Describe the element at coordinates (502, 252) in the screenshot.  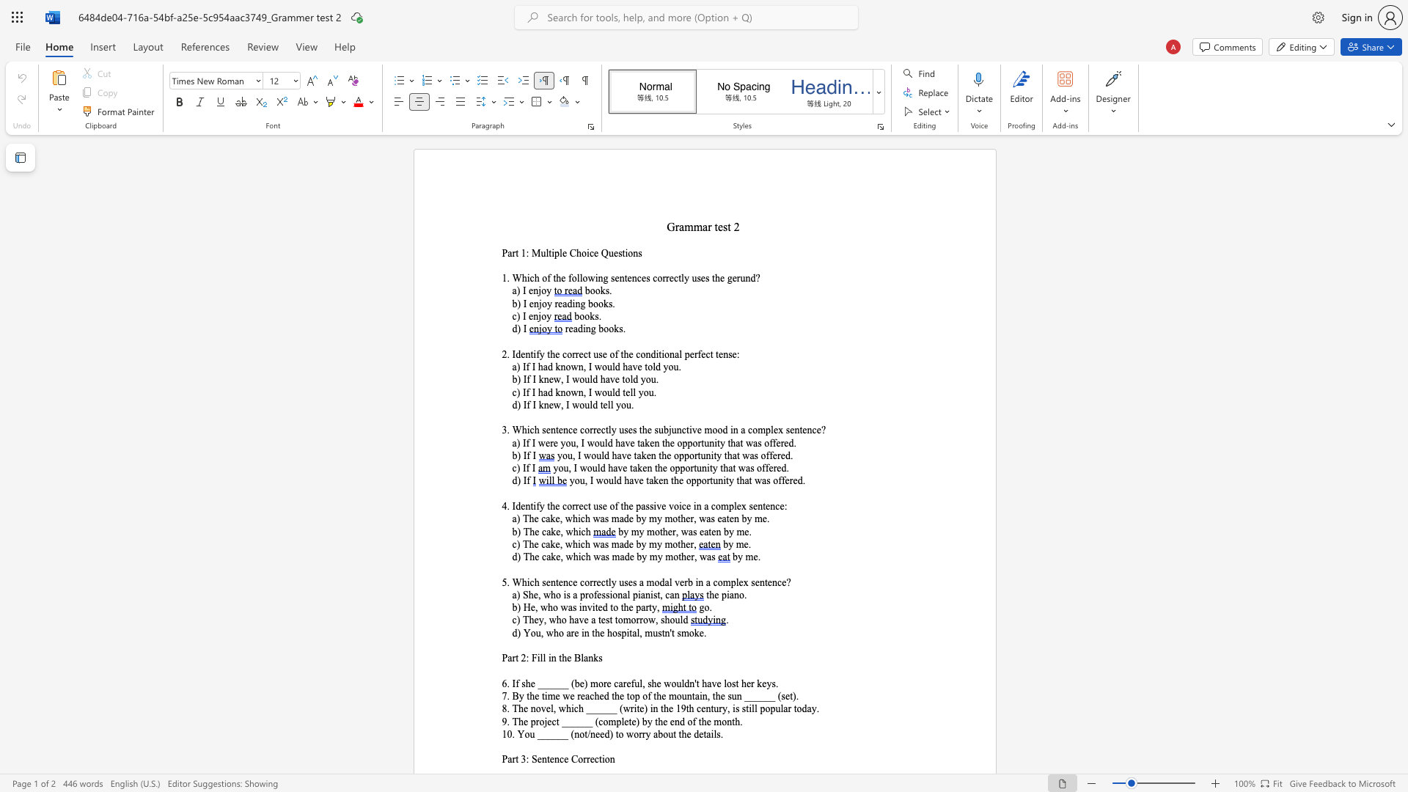
I see `the subset text "Part 1: Multiple Ch" within the text "Part 1: Multiple Choice Questions"` at that location.